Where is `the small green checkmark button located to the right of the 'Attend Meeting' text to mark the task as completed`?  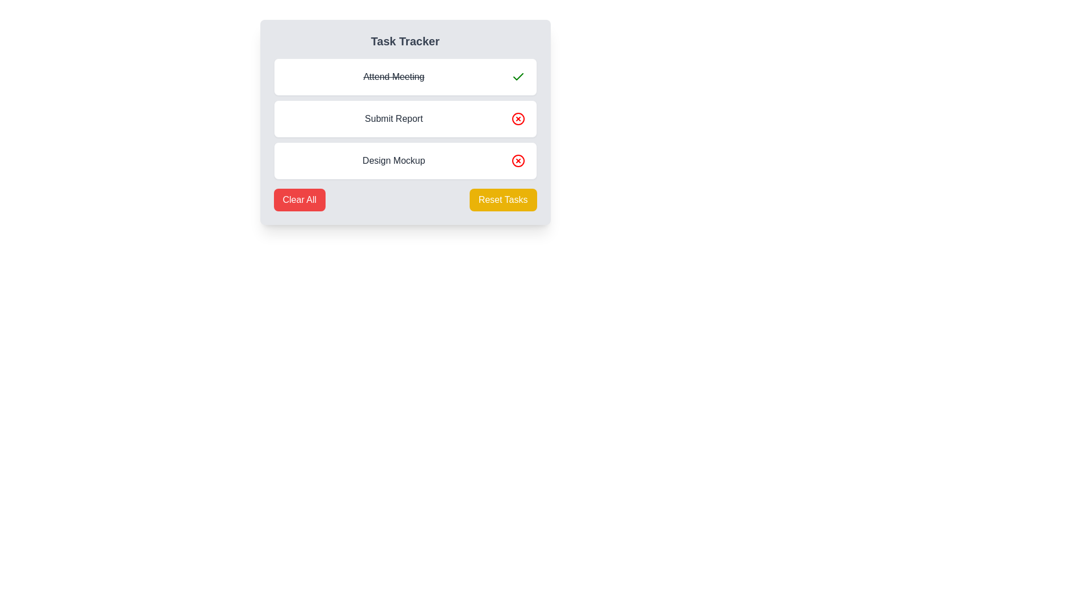 the small green checkmark button located to the right of the 'Attend Meeting' text to mark the task as completed is located at coordinates (517, 76).